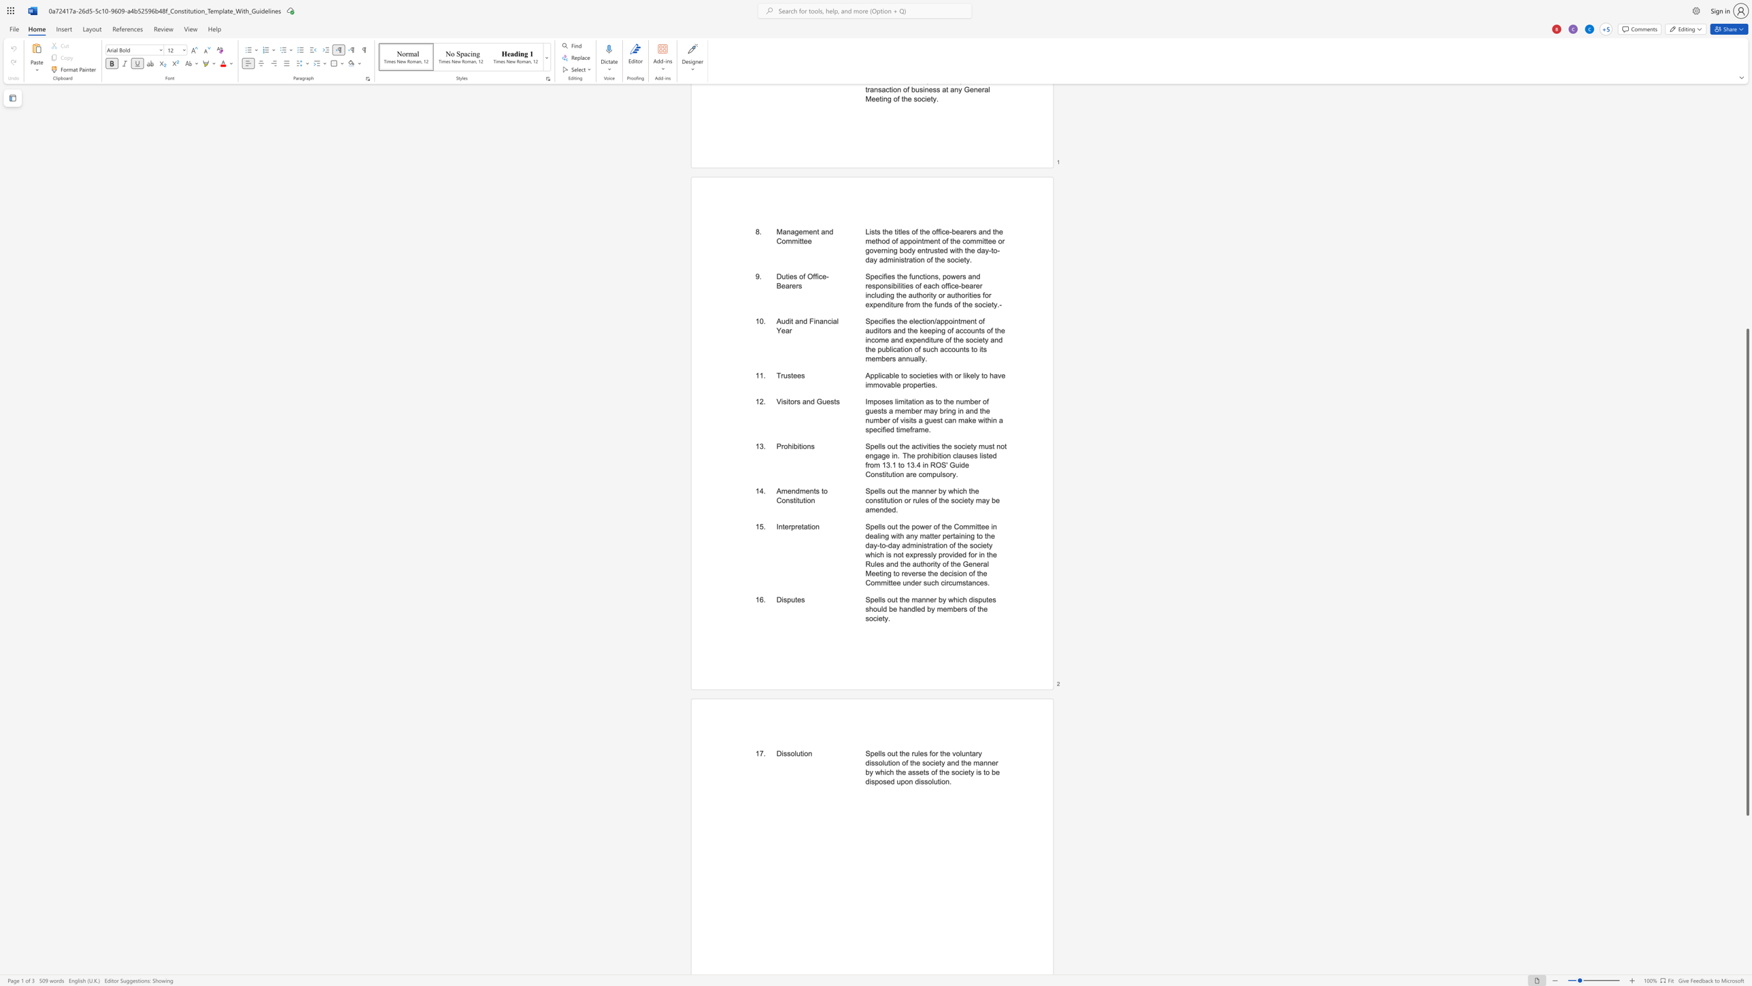  I want to click on the vertical scrollbar to raise the page content, so click(1747, 95).